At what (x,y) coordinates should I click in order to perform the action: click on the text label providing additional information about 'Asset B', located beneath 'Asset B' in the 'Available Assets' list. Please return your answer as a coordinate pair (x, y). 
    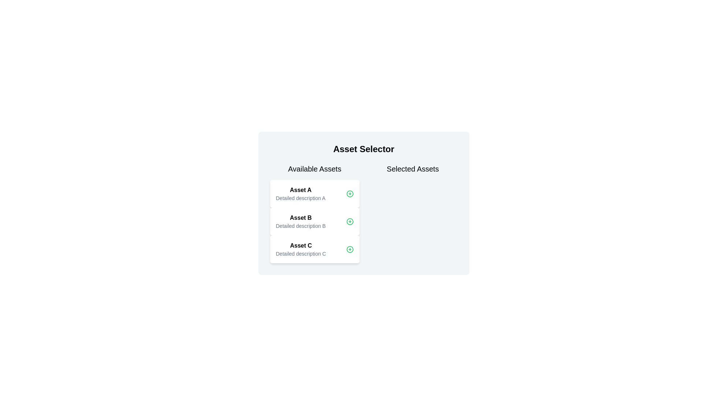
    Looking at the image, I should click on (301, 225).